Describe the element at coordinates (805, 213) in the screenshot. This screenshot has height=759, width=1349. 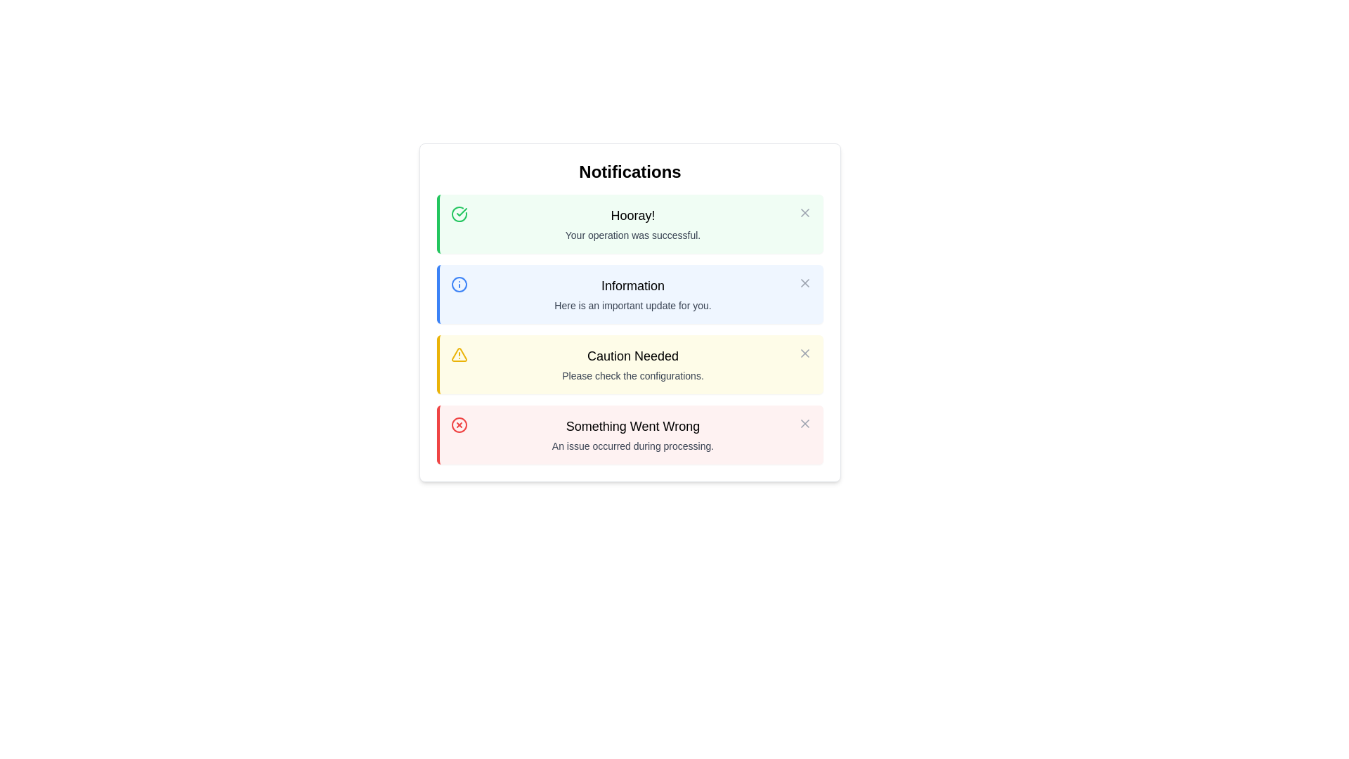
I see `the close ('X') icon in the top-right corner of the notification box labeled 'Hooray! Your operation was successful.'` at that location.